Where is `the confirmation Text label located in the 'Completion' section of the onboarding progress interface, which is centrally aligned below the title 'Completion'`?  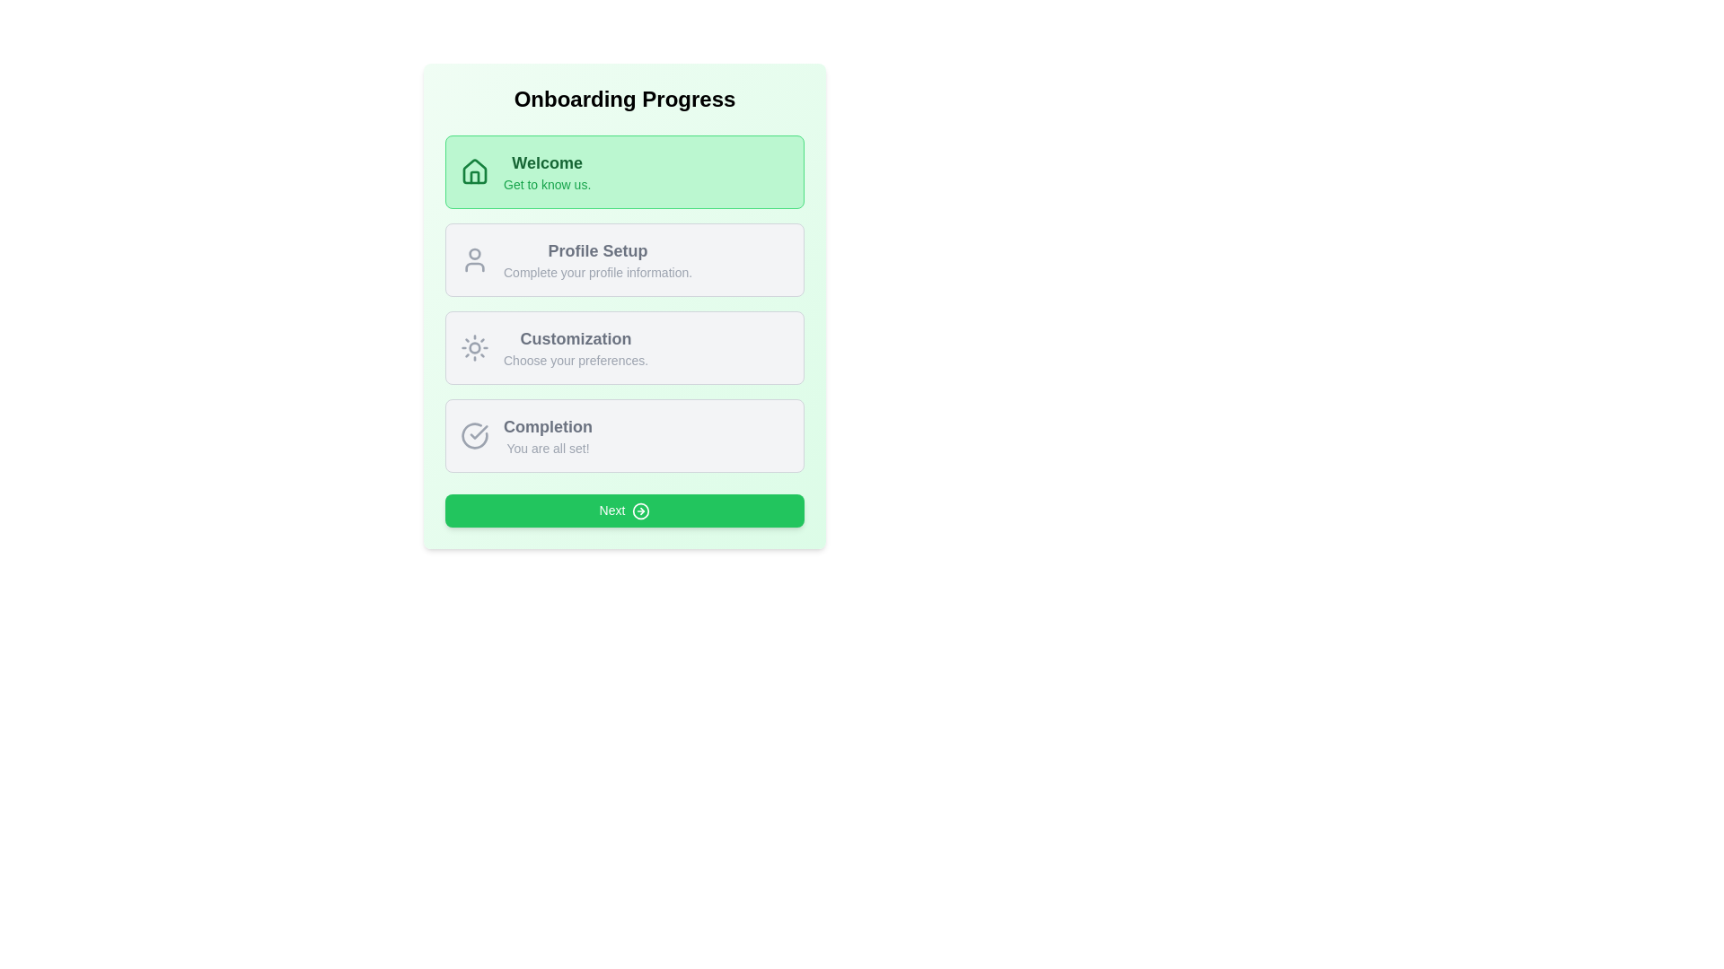
the confirmation Text label located in the 'Completion' section of the onboarding progress interface, which is centrally aligned below the title 'Completion' is located at coordinates (547, 448).